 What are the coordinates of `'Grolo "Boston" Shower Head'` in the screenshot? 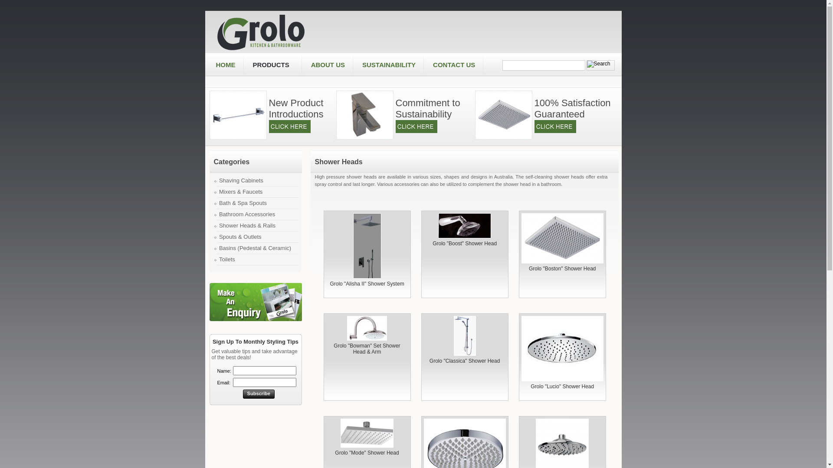 It's located at (521, 238).